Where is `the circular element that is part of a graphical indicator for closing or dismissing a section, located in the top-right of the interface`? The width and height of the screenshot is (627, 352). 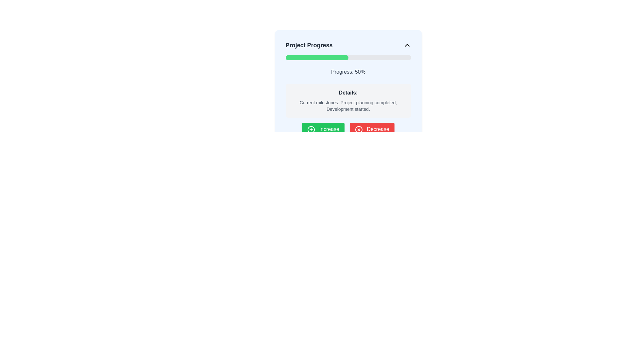
the circular element that is part of a graphical indicator for closing or dismissing a section, located in the top-right of the interface is located at coordinates (359, 129).